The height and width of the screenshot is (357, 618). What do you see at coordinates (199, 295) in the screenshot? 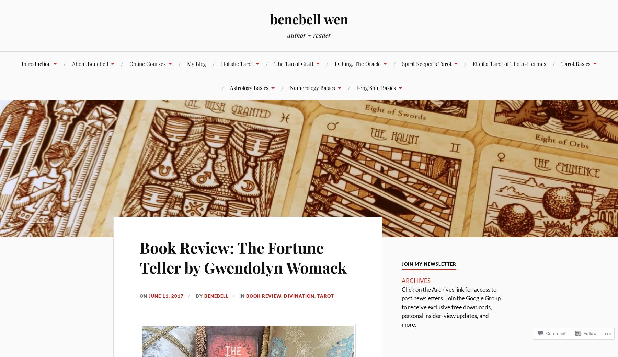
I see `'By'` at bounding box center [199, 295].